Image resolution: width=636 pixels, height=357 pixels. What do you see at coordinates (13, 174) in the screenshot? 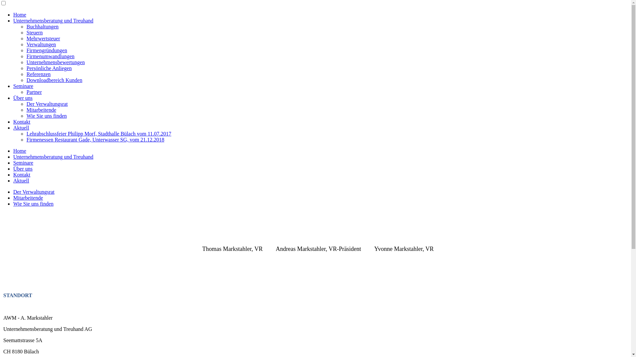
I see `'Kontakt'` at bounding box center [13, 174].